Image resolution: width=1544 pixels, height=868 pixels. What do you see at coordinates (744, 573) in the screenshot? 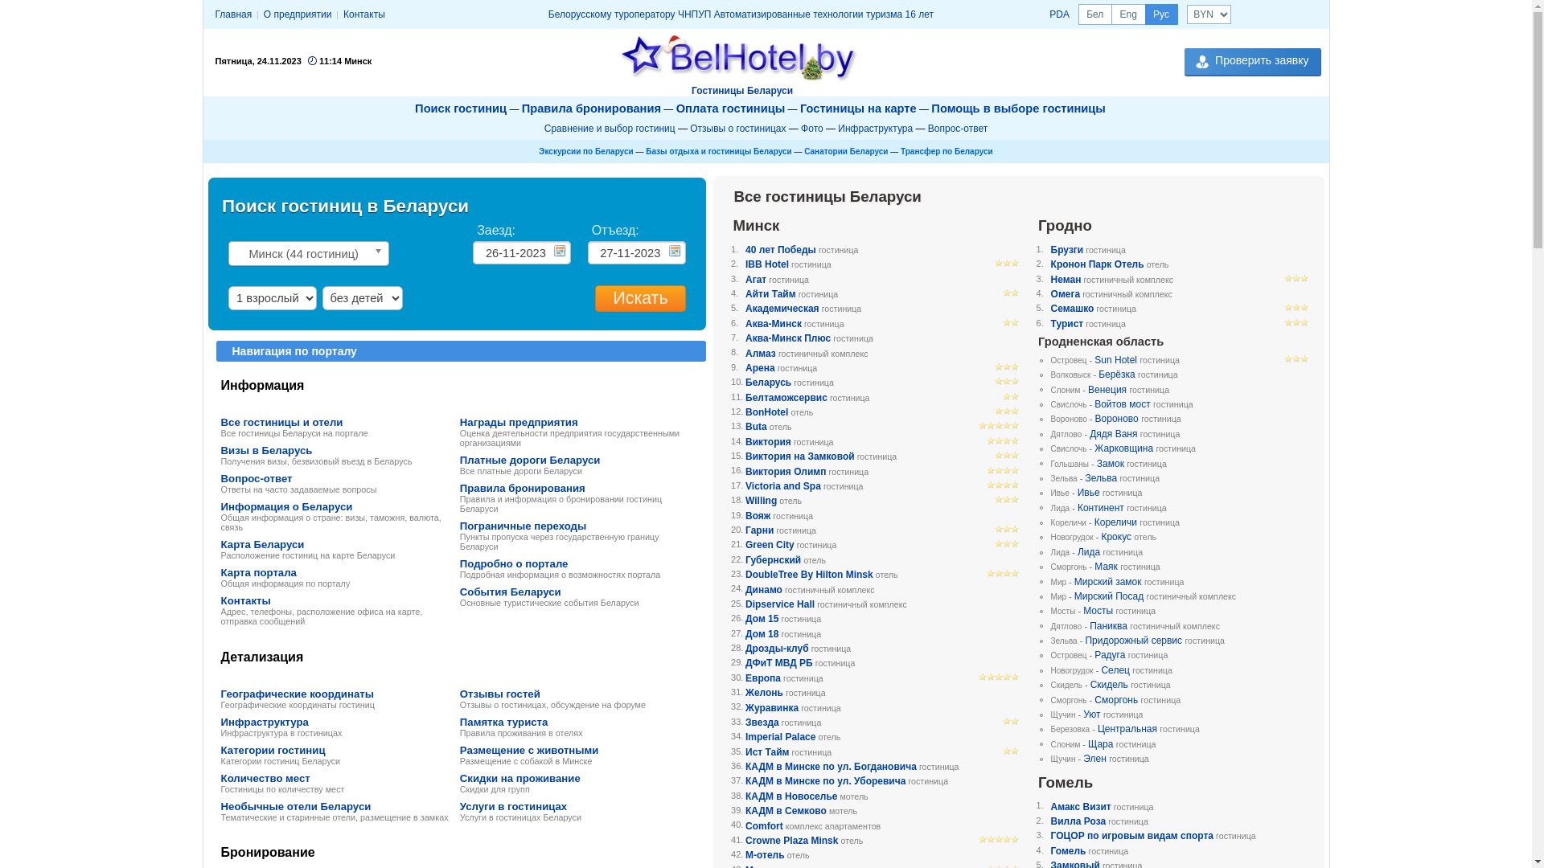
I see `'DoubleTree By Hilton Minsk'` at bounding box center [744, 573].